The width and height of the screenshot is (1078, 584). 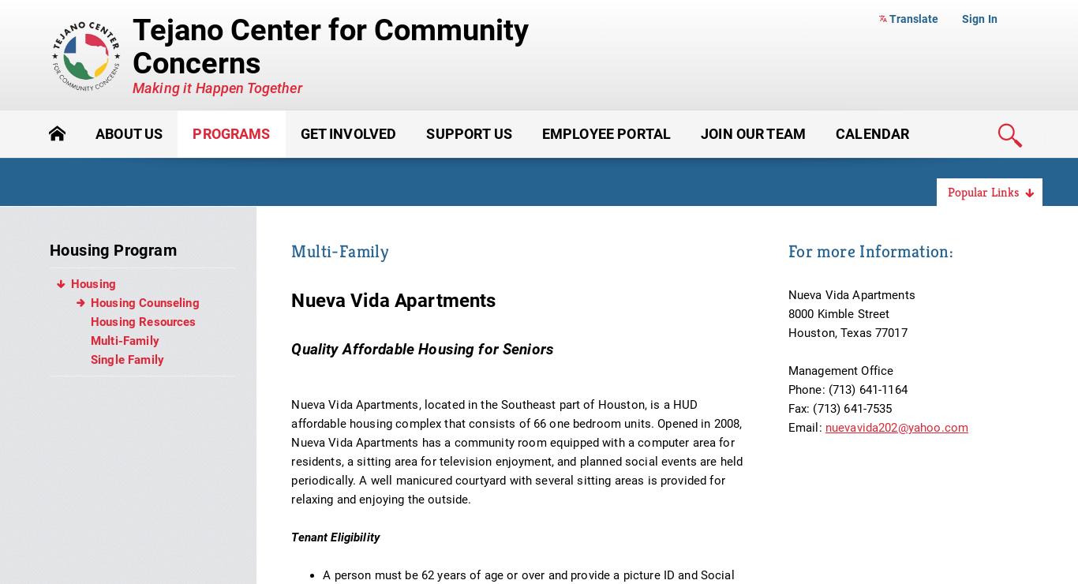 What do you see at coordinates (787, 370) in the screenshot?
I see `'Management Office'` at bounding box center [787, 370].